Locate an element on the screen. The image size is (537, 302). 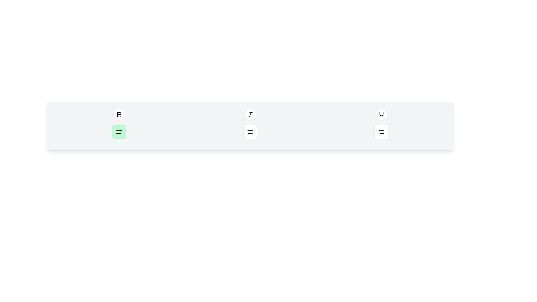
the alignment icon located at the center of the green square button below the bold 'B' text is located at coordinates (119, 132).